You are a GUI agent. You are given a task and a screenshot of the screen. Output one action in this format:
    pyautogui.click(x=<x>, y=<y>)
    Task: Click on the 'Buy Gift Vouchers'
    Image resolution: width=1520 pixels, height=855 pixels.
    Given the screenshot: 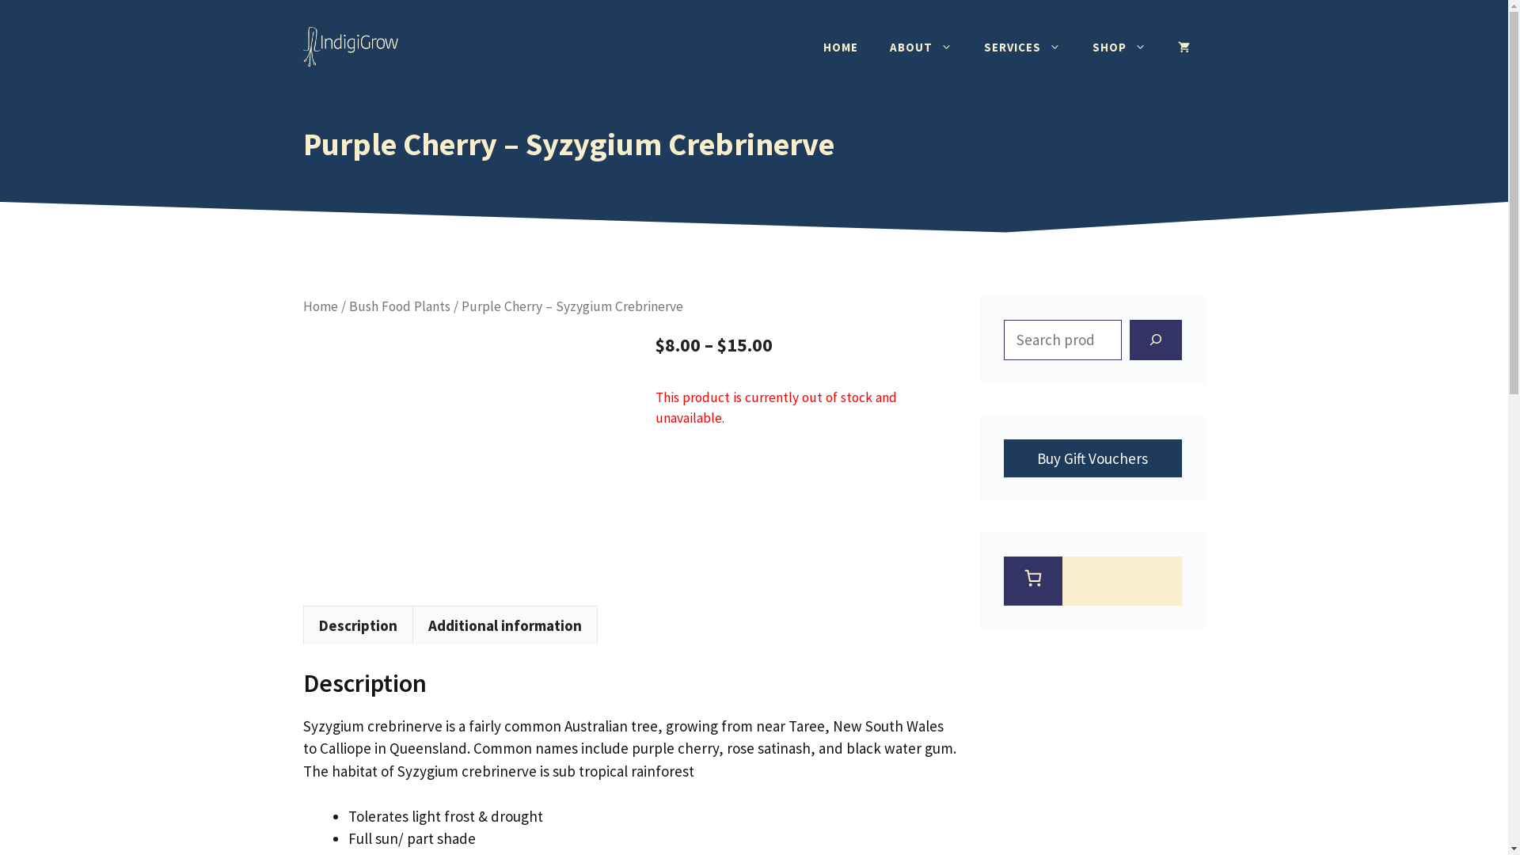 What is the action you would take?
    pyautogui.click(x=1002, y=458)
    